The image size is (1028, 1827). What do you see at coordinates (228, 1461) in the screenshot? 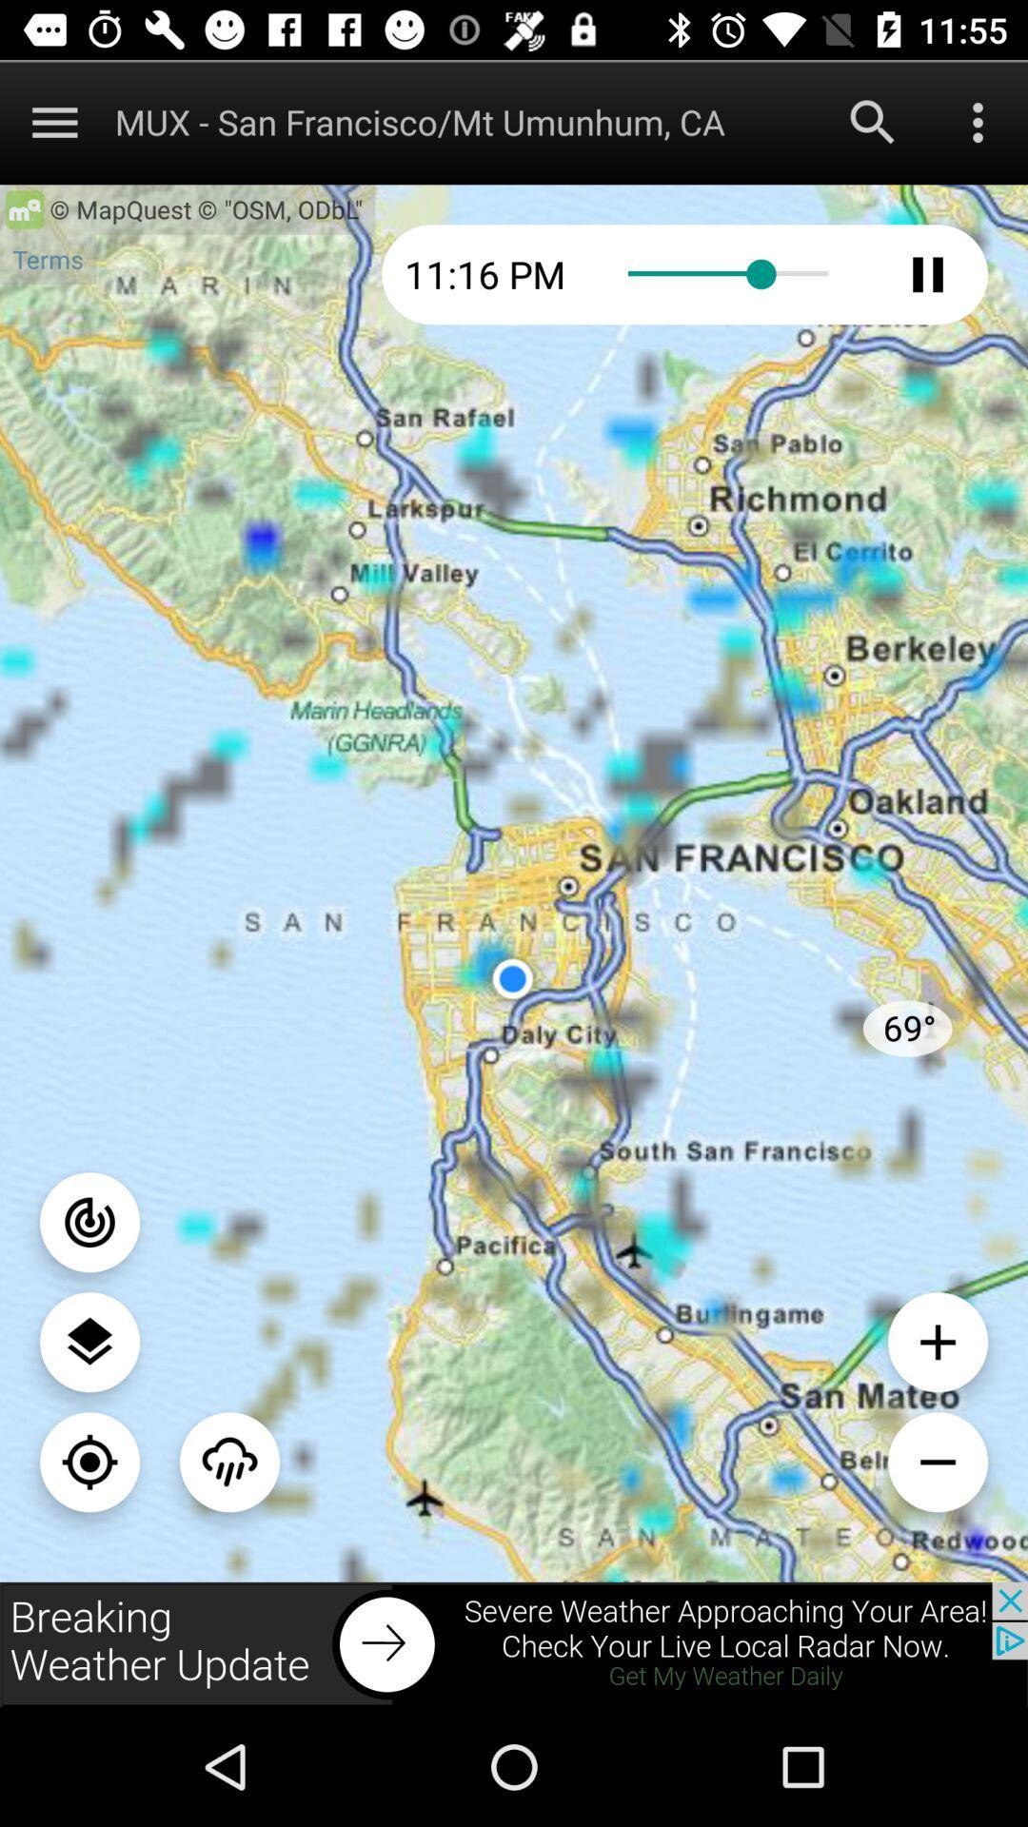
I see `an option` at bounding box center [228, 1461].